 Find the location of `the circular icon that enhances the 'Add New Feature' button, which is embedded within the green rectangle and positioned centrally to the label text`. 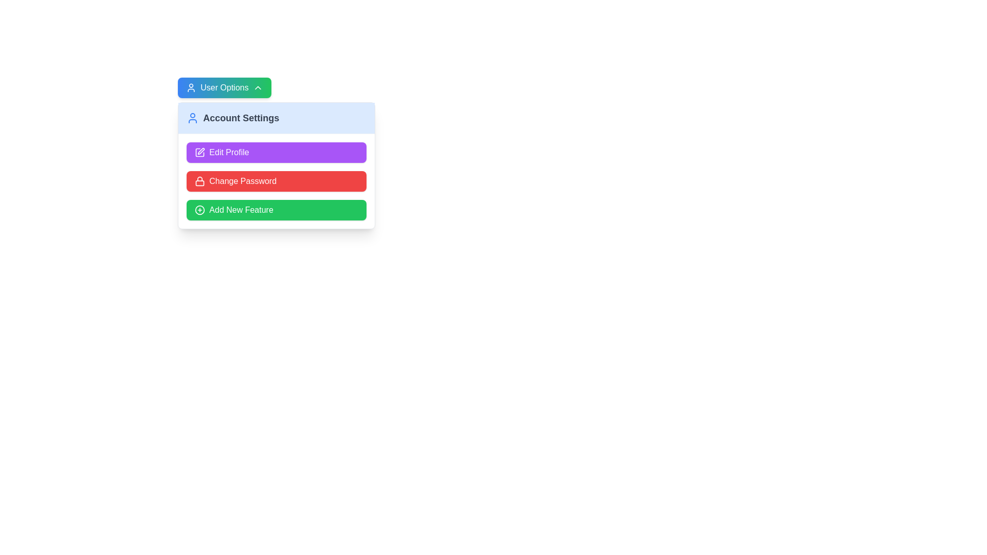

the circular icon that enhances the 'Add New Feature' button, which is embedded within the green rectangle and positioned centrally to the label text is located at coordinates (200, 209).